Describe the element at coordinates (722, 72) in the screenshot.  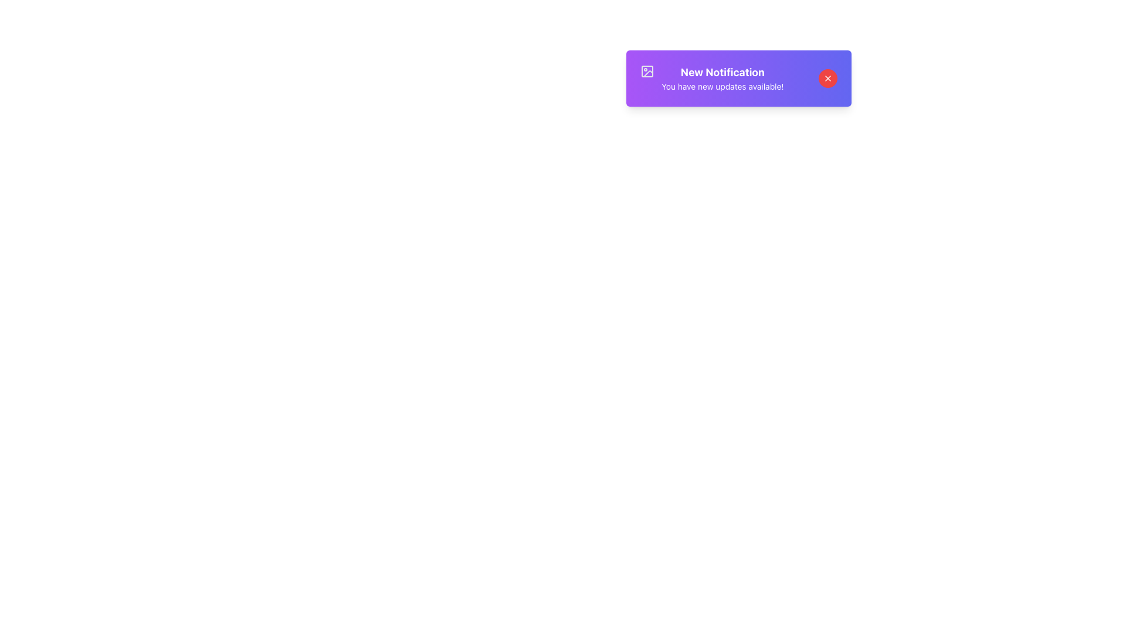
I see `the bold headline text 'New Notification' located prominently at the top section of a notification card, which has a white font color on a gradient purple background` at that location.